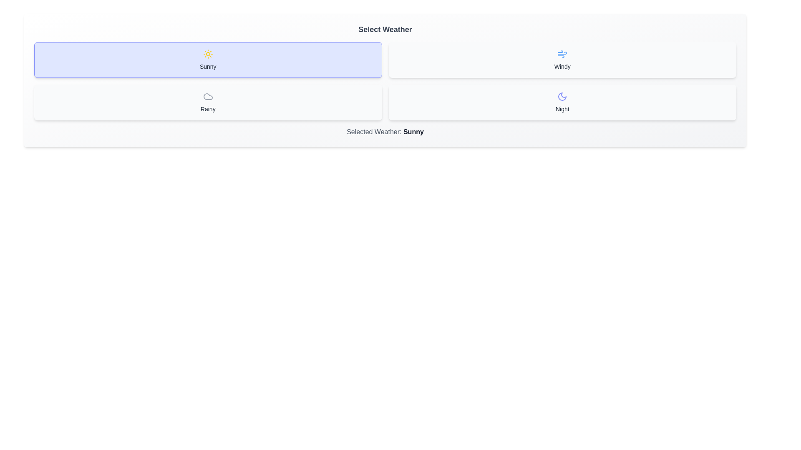 The height and width of the screenshot is (450, 801). I want to click on the button corresponding to the weather option Rainy, so click(208, 102).